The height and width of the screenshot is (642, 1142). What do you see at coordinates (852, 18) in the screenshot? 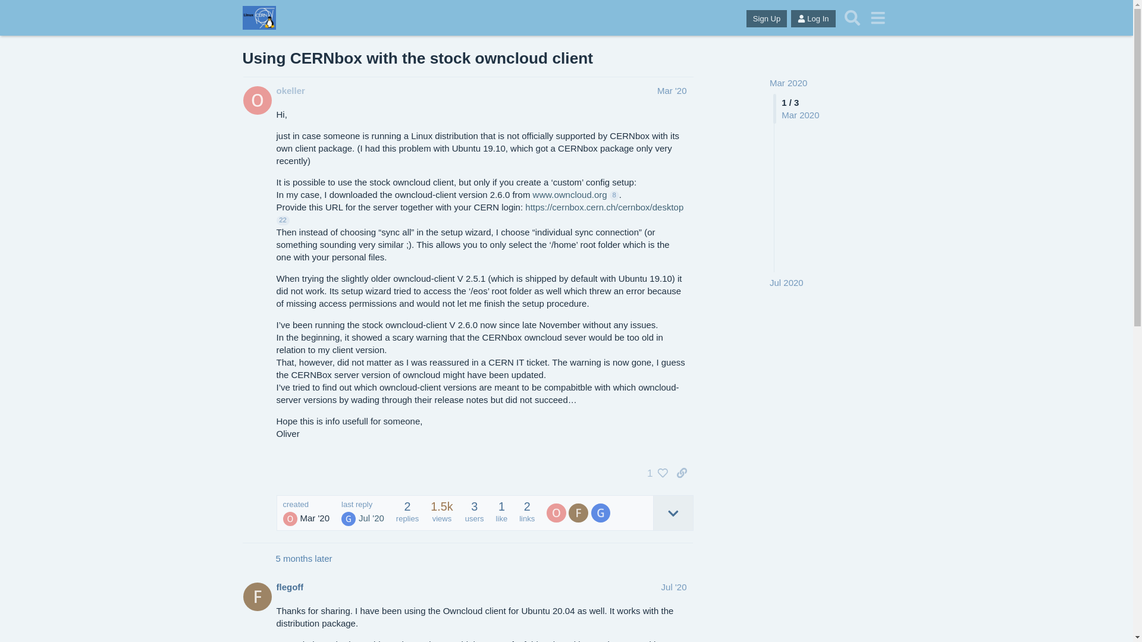
I see `'Search'` at bounding box center [852, 18].